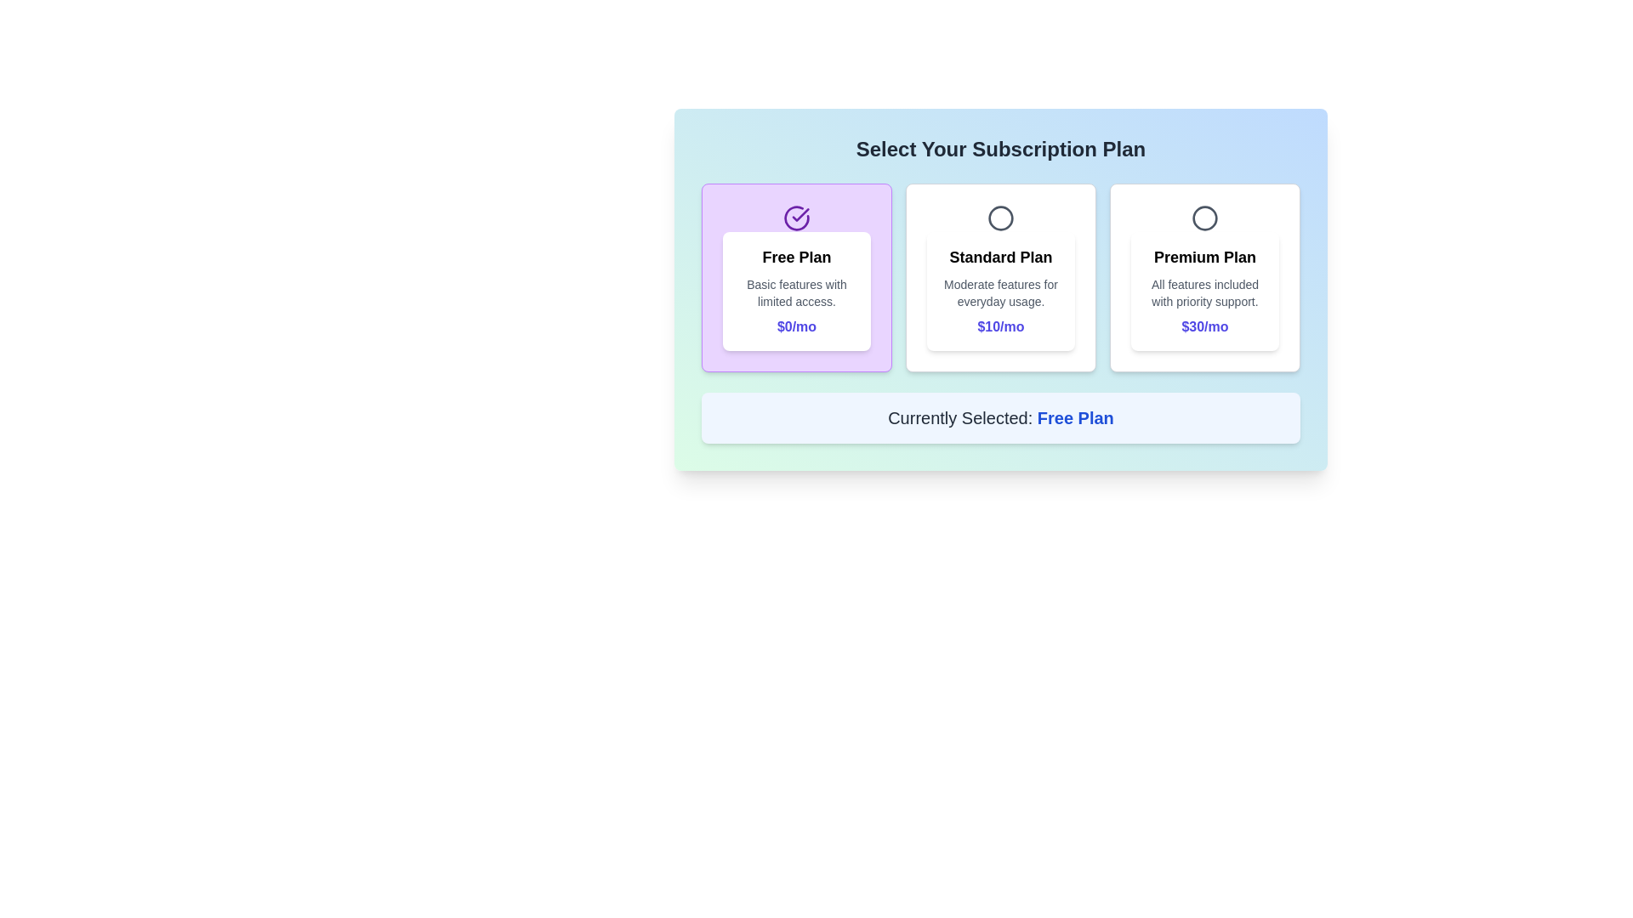 The height and width of the screenshot is (918, 1633). What do you see at coordinates (1000, 291) in the screenshot?
I see `the 'Standard Plan' informational card` at bounding box center [1000, 291].